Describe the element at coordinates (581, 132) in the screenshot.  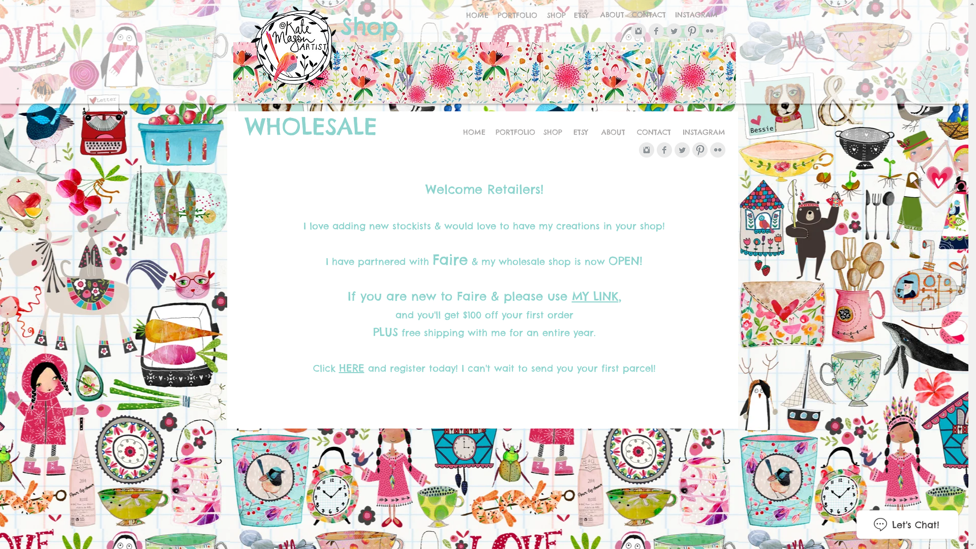
I see `'ETSY'` at that location.